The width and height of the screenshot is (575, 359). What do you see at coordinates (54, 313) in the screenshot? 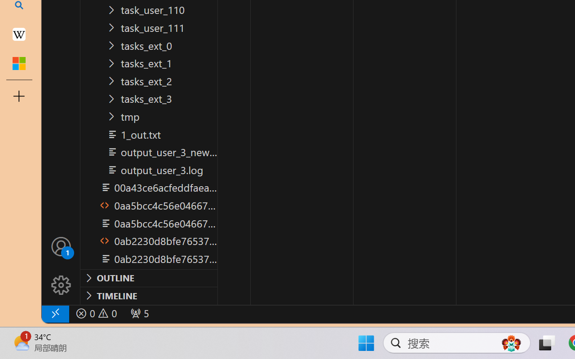
I see `'remote'` at bounding box center [54, 313].